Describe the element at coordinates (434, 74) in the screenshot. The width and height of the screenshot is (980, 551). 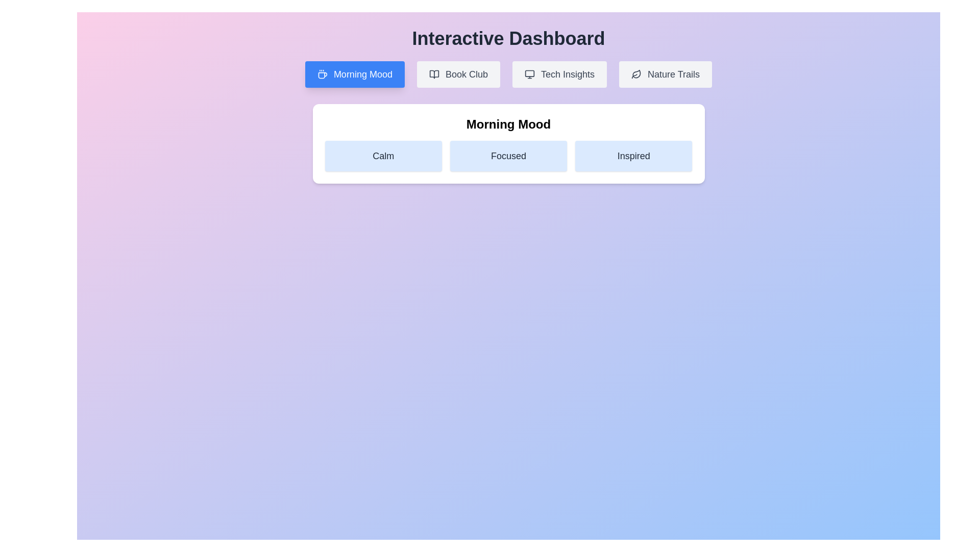
I see `the icon representing the theme of the 'Book Club' button, located at the extreme left of the button with a light gray background` at that location.